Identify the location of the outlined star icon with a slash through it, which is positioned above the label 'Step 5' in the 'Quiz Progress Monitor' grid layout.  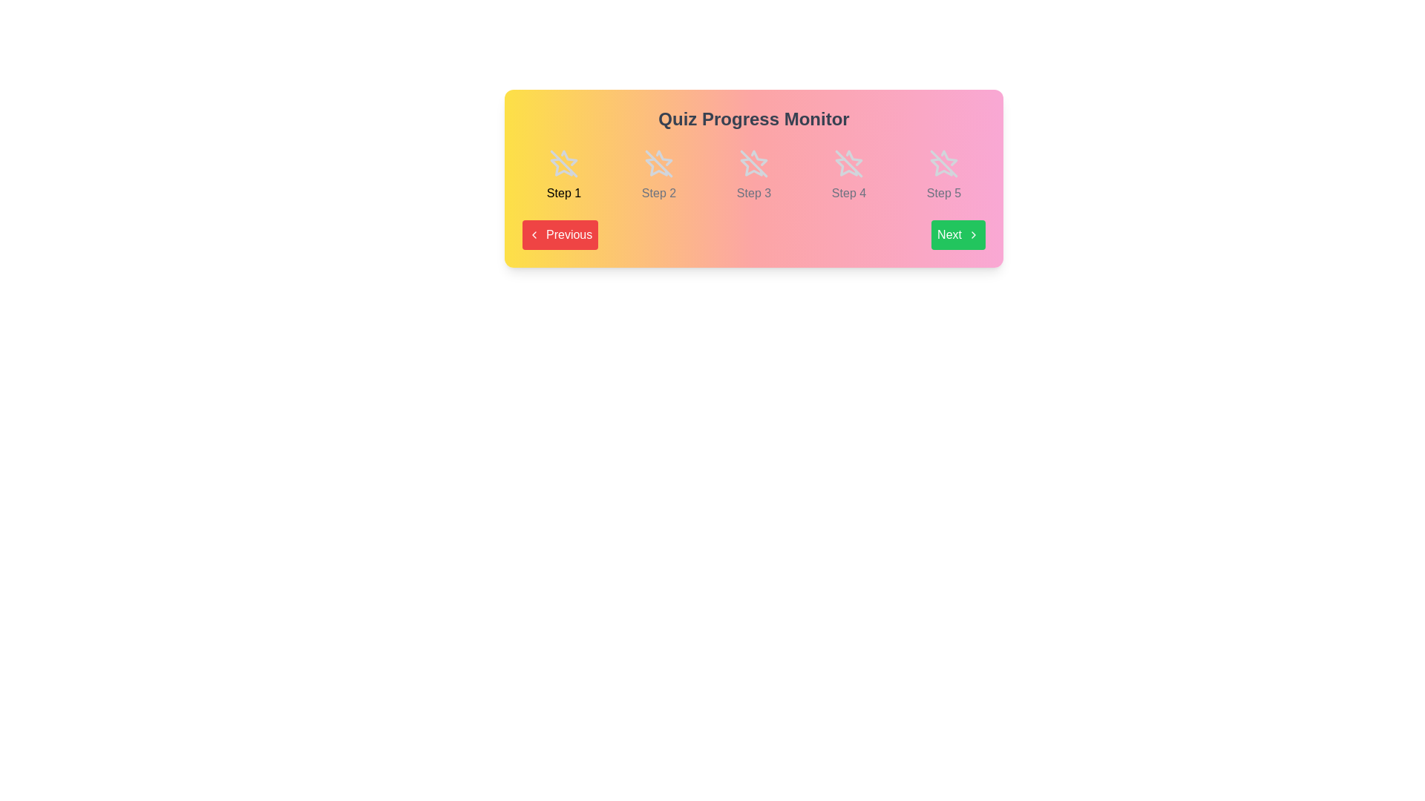
(943, 174).